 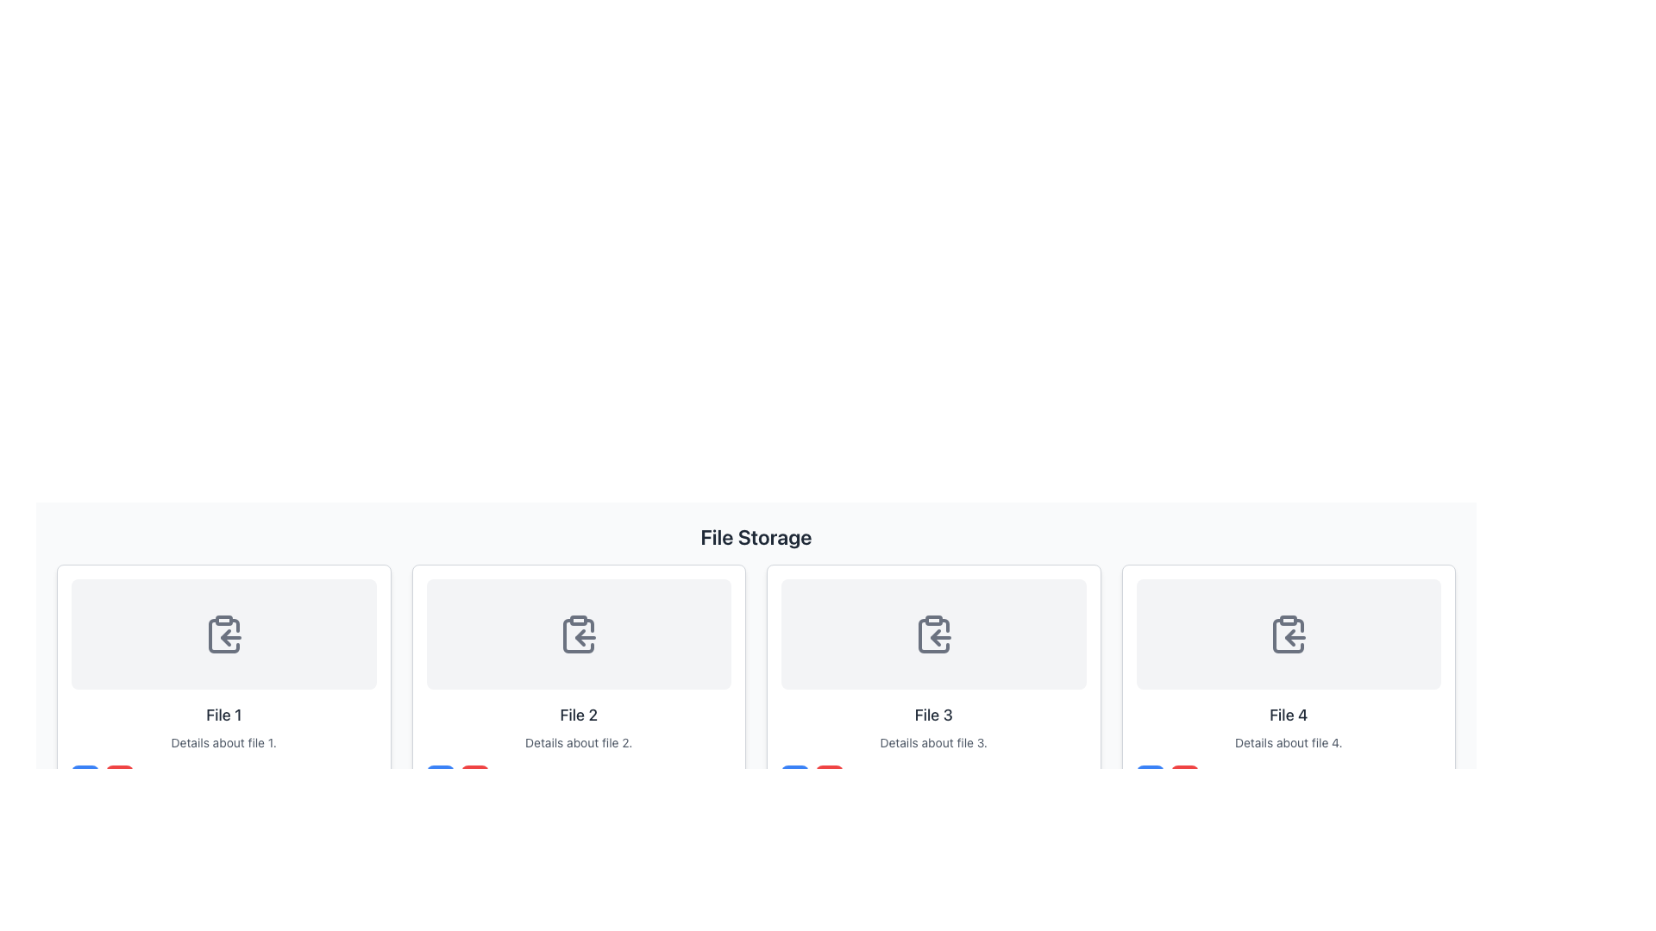 What do you see at coordinates (1289, 621) in the screenshot?
I see `the graphical icon segment of the clipboard icon in the fourth card of the user interface` at bounding box center [1289, 621].